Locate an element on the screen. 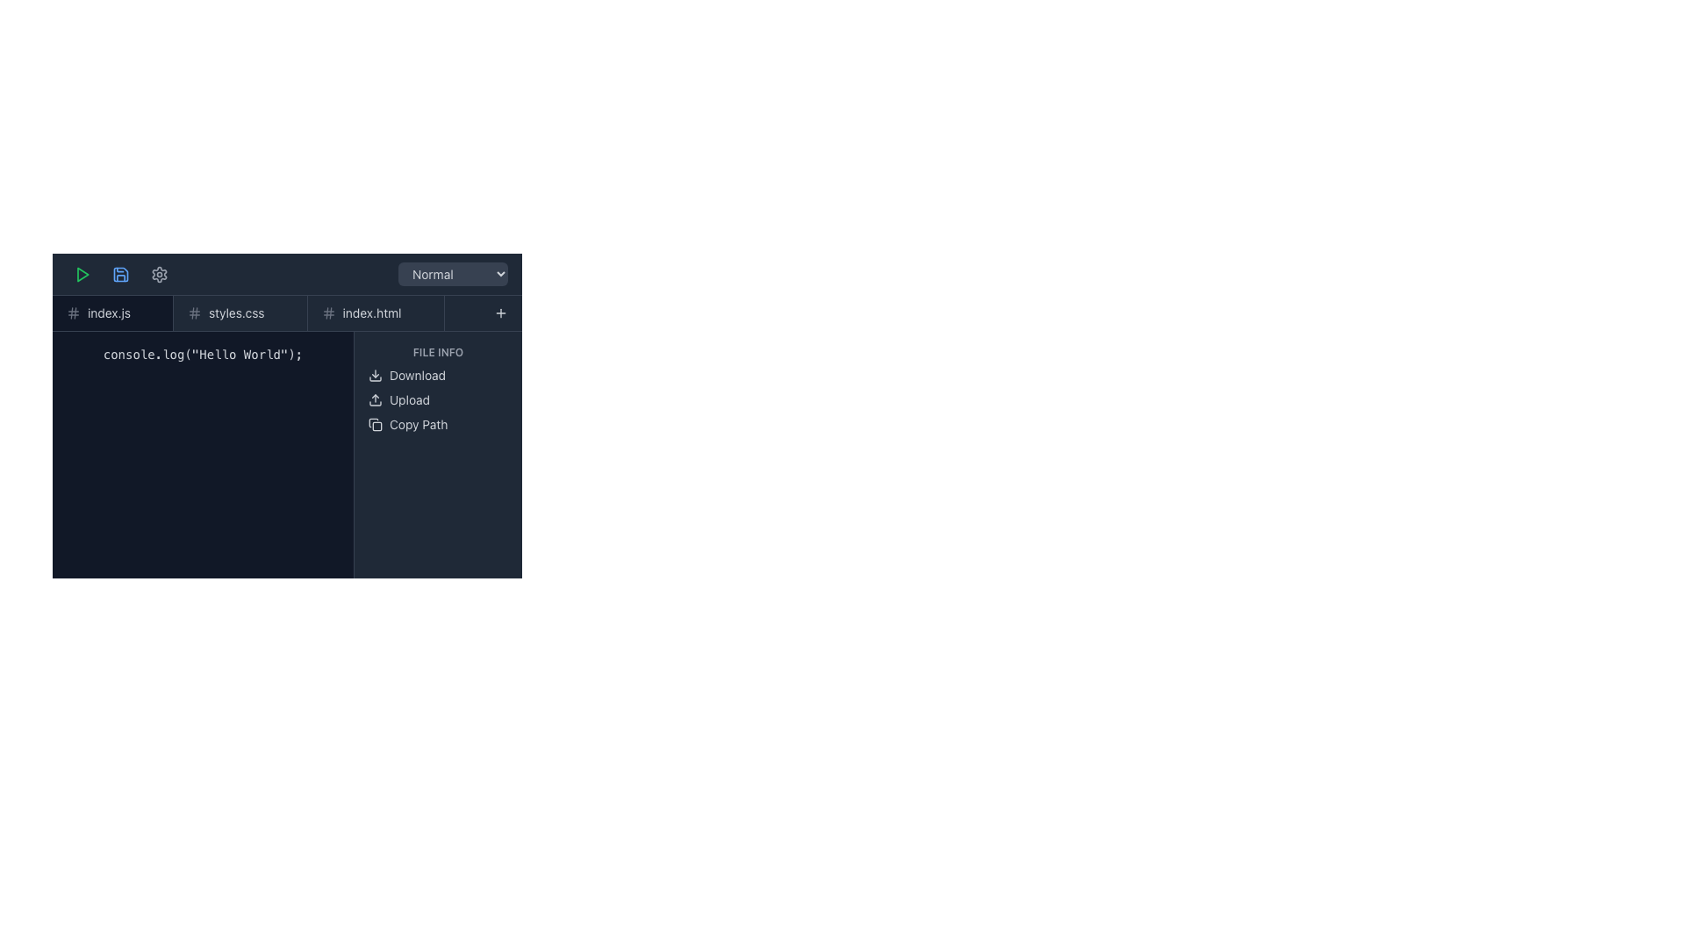 This screenshot has width=1685, height=948. the styled dropdown menu labeled 'Normal' is located at coordinates (453, 274).